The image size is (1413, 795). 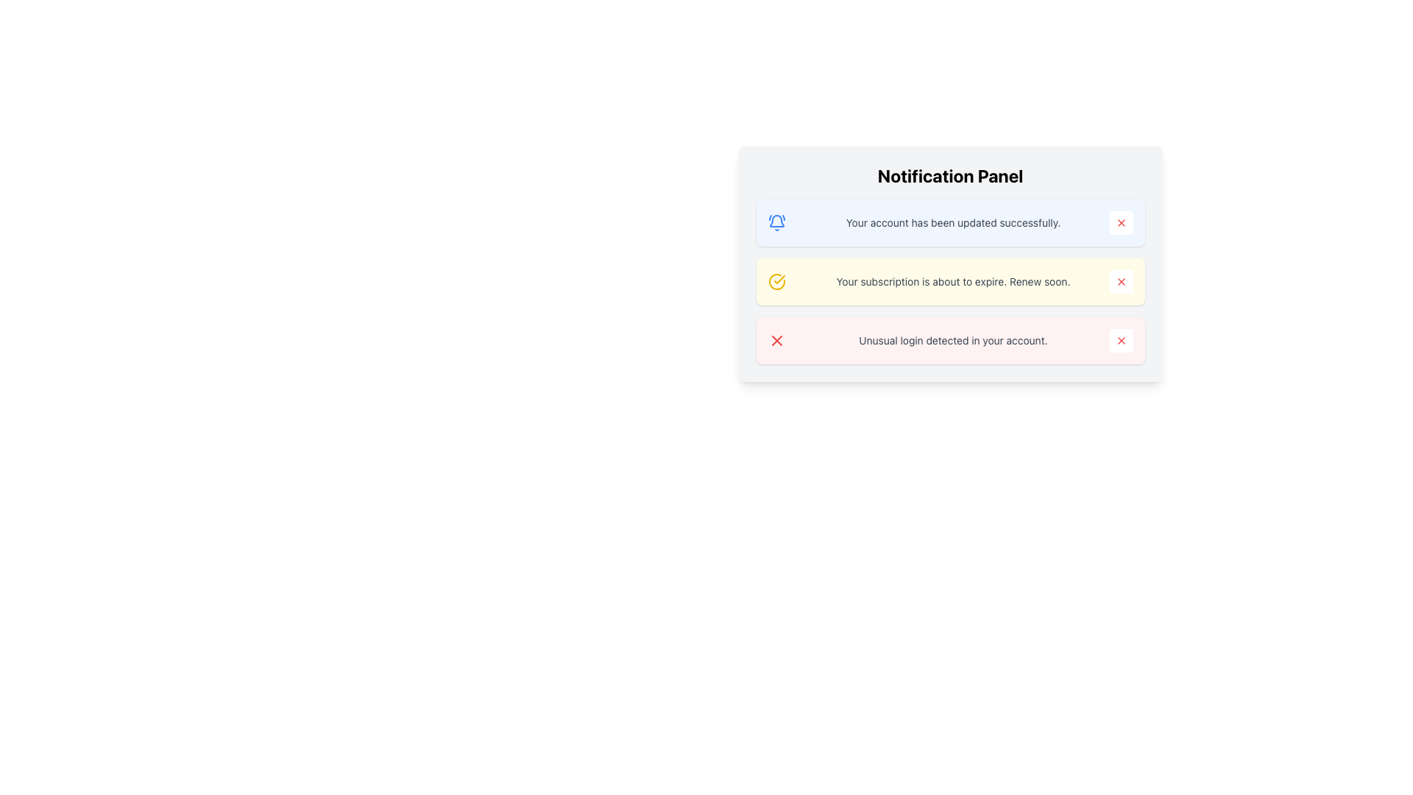 I want to click on the dismiss button located in the notification panel's second row, to the right of the message 'Your subscription is about to expire. Renew soon.', so click(x=1120, y=281).